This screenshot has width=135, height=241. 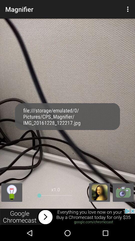 I want to click on sponsored content, so click(x=67, y=217).